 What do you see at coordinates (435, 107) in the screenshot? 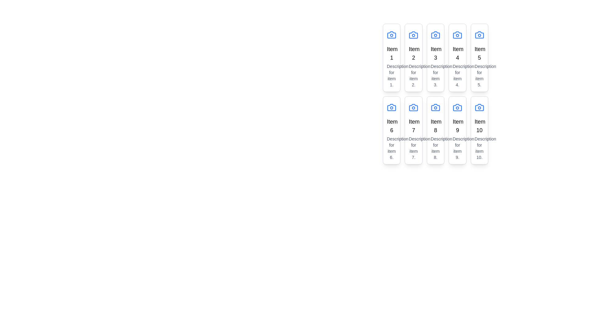
I see `the camera icon located at the top-center of the card labeled 'Item 8' to interact with it` at bounding box center [435, 107].